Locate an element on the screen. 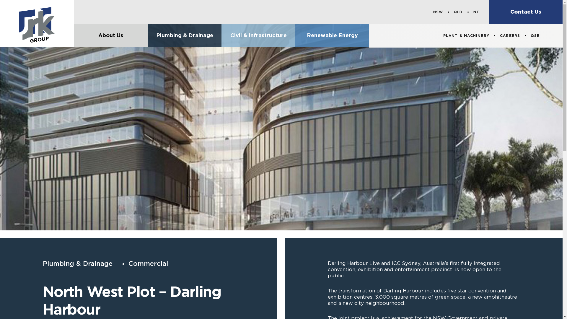 The width and height of the screenshot is (567, 319). 'QLD' is located at coordinates (458, 12).